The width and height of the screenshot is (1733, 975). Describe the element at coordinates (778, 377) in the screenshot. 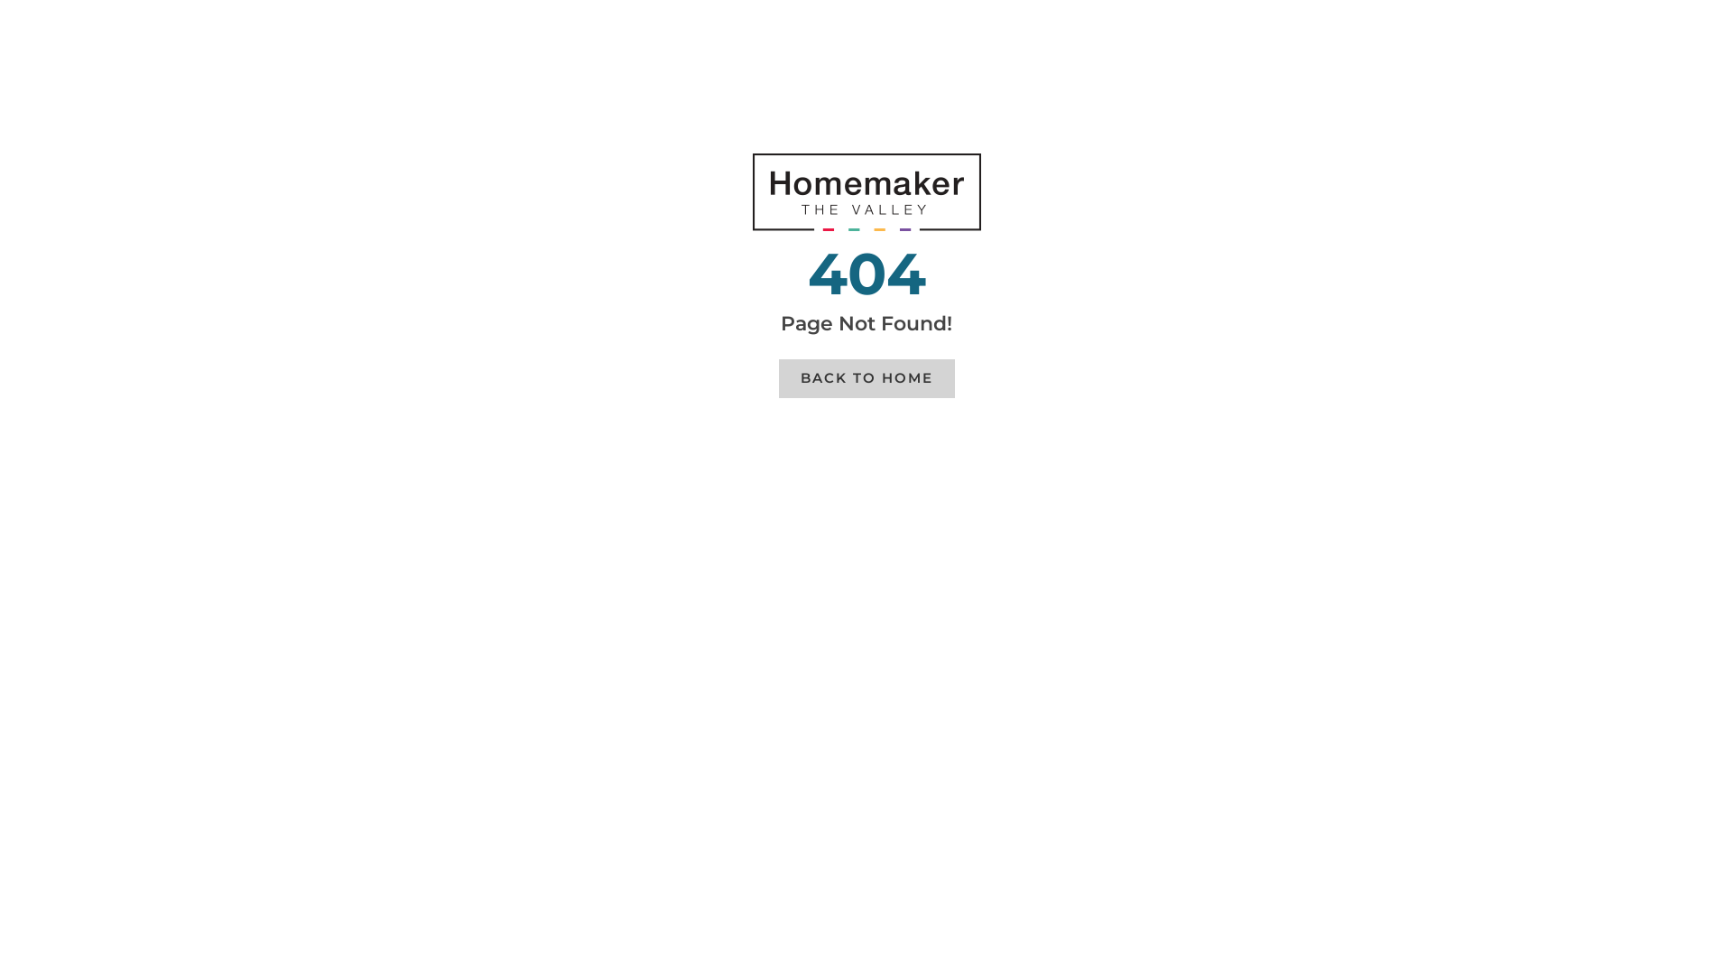

I see `'BACK TO HOME'` at that location.